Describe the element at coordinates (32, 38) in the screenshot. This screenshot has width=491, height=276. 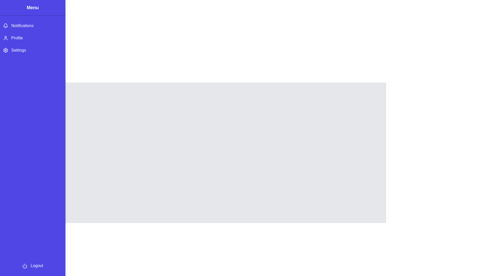
I see `the 'Profile' menu item to navigate to the profile section` at that location.